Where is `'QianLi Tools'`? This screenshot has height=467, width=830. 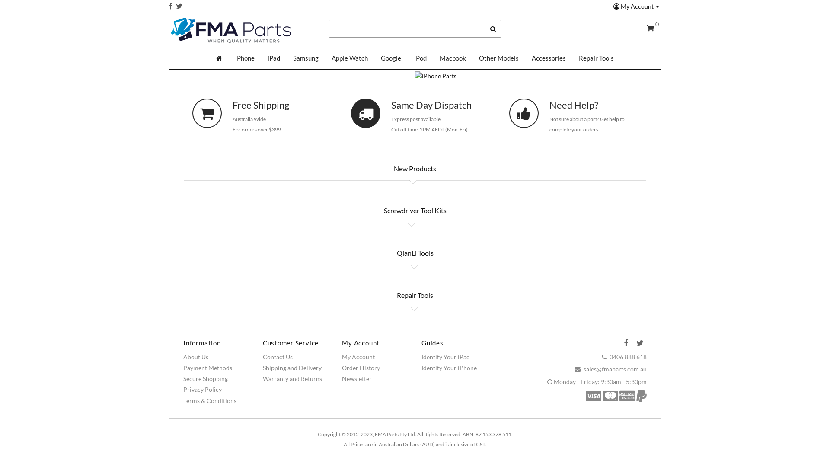 'QianLi Tools' is located at coordinates (414, 253).